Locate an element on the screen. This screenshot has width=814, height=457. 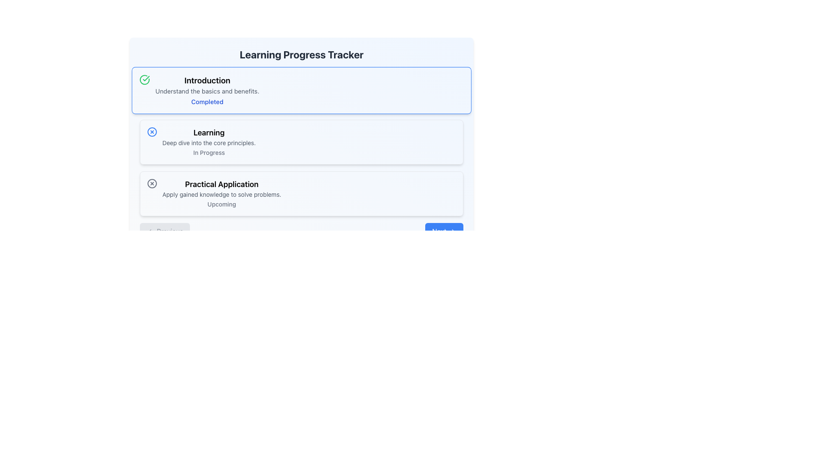
the status indicator icon for the 'Practical Application' row is located at coordinates (152, 183).